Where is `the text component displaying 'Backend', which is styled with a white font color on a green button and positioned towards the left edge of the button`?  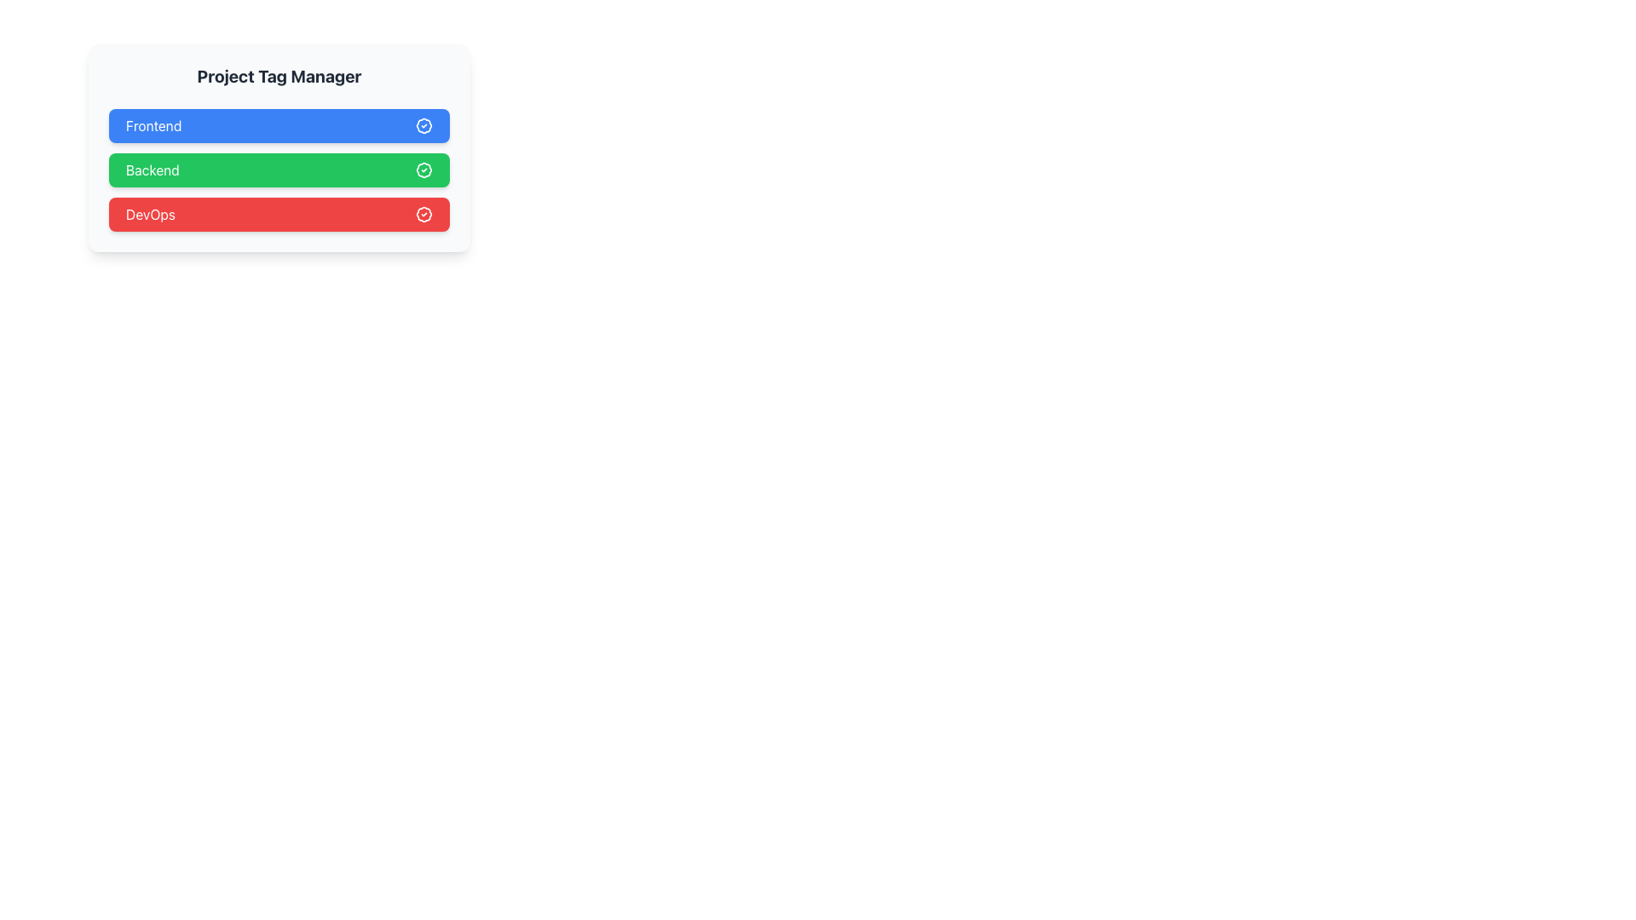 the text component displaying 'Backend', which is styled with a white font color on a green button and positioned towards the left edge of the button is located at coordinates (153, 170).